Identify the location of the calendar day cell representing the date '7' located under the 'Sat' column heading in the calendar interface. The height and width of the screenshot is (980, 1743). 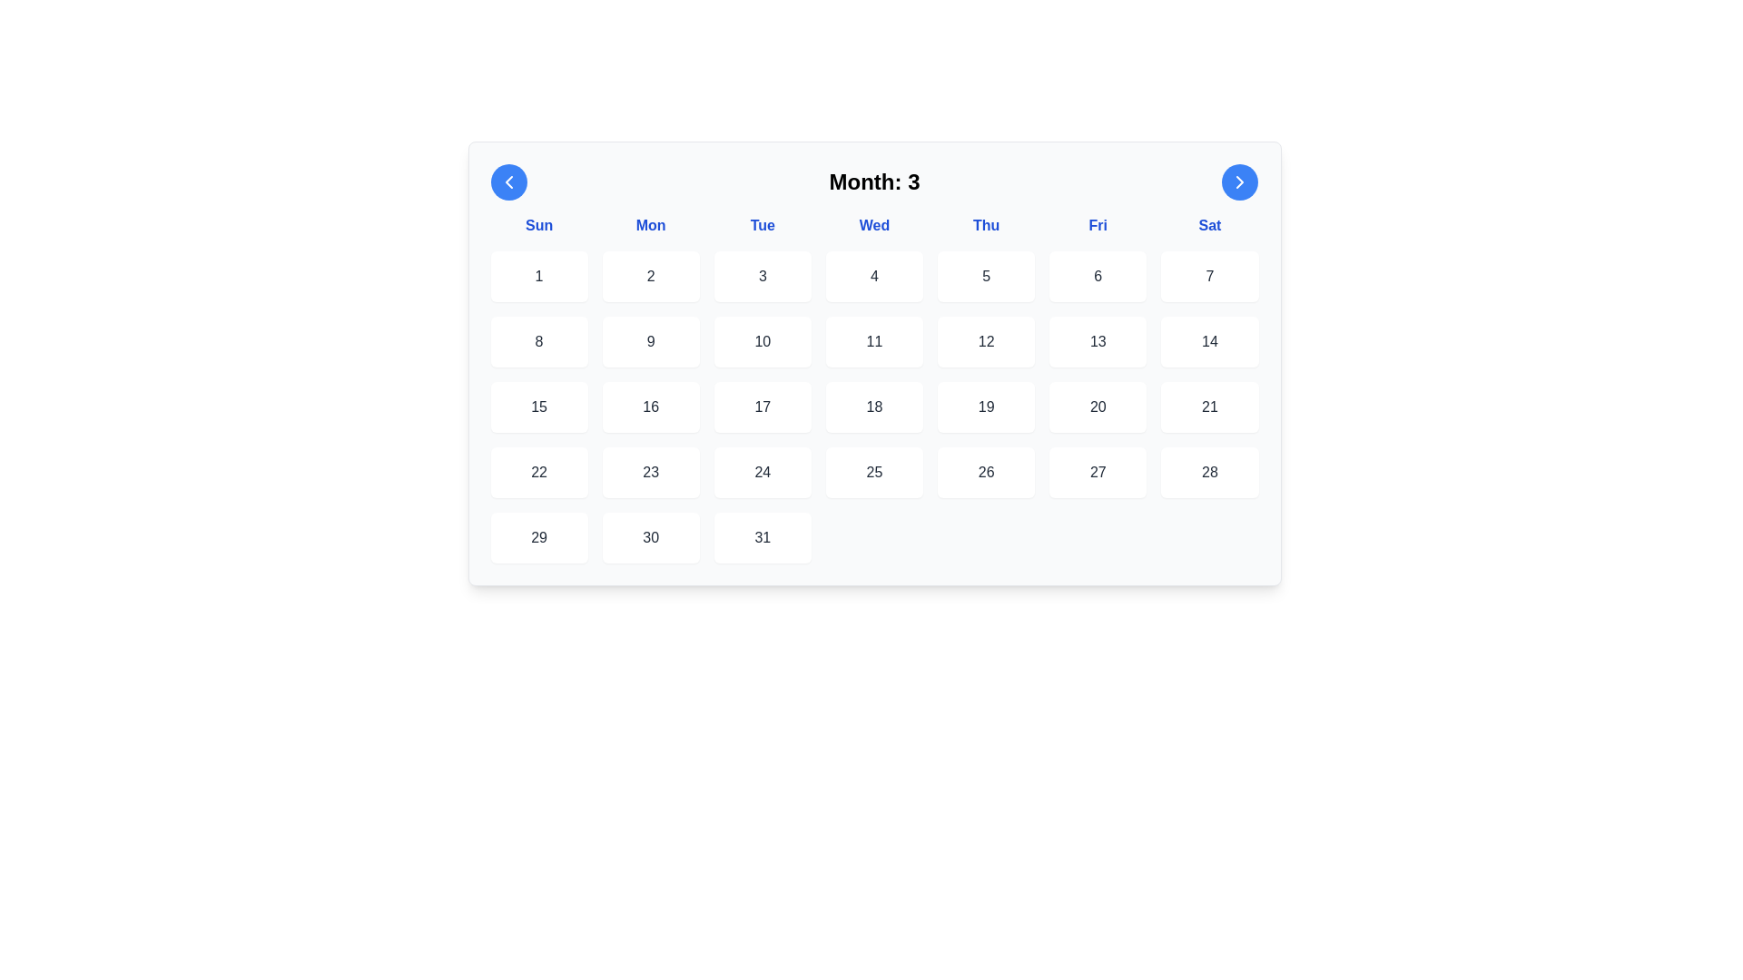
(1209, 276).